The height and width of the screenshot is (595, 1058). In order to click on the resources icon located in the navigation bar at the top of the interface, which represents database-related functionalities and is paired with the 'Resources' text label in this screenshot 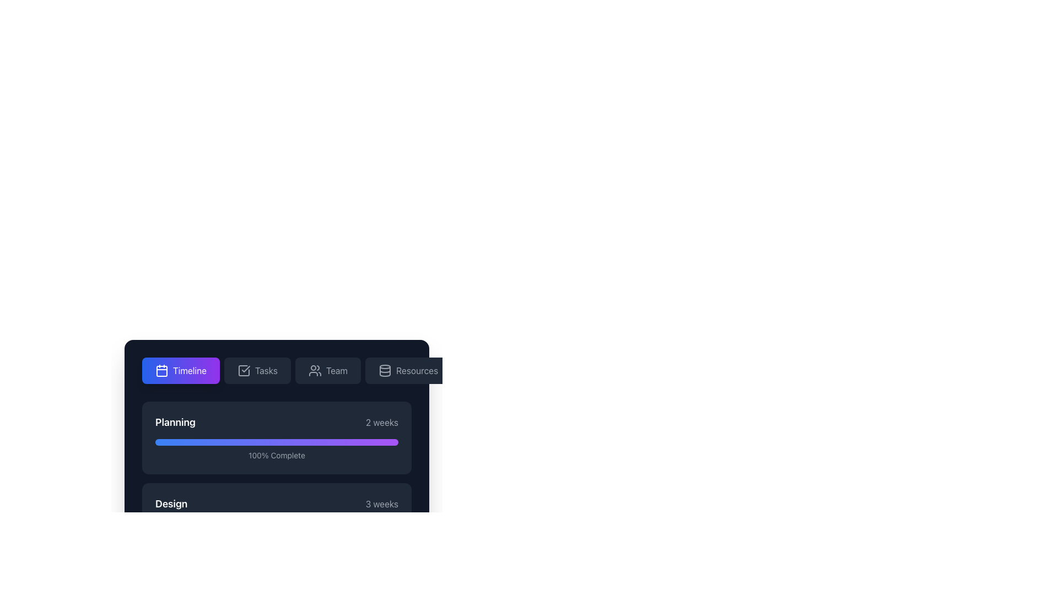, I will do `click(385, 370)`.